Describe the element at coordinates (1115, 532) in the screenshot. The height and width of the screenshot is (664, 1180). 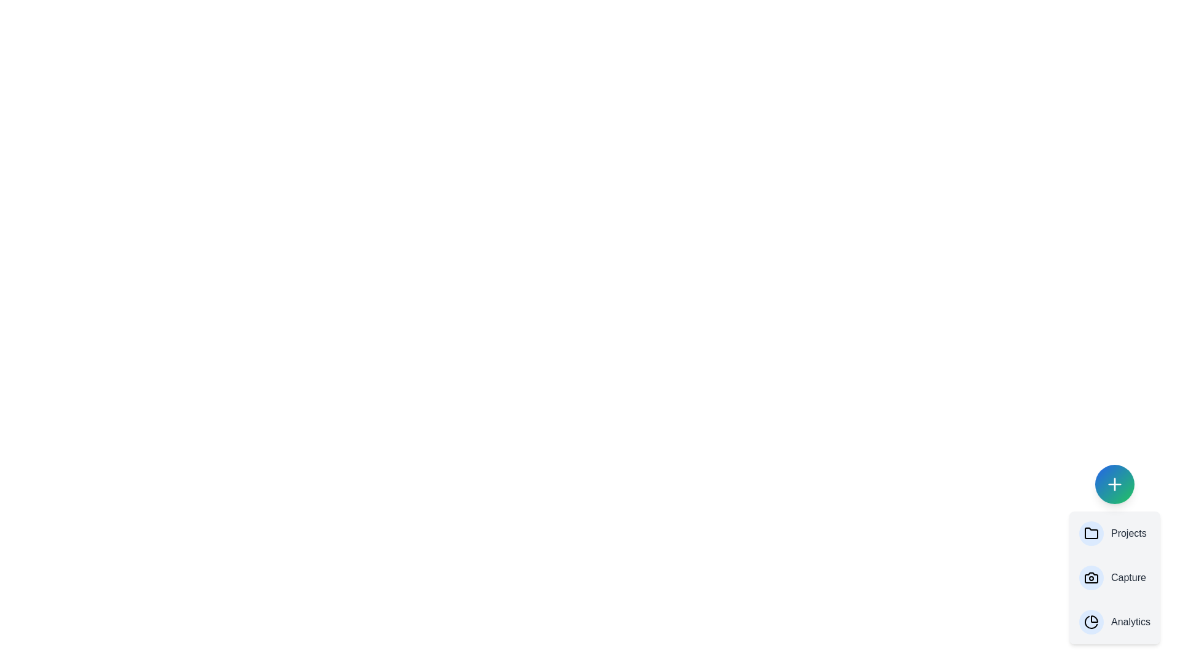
I see `the 'Projects' option` at that location.